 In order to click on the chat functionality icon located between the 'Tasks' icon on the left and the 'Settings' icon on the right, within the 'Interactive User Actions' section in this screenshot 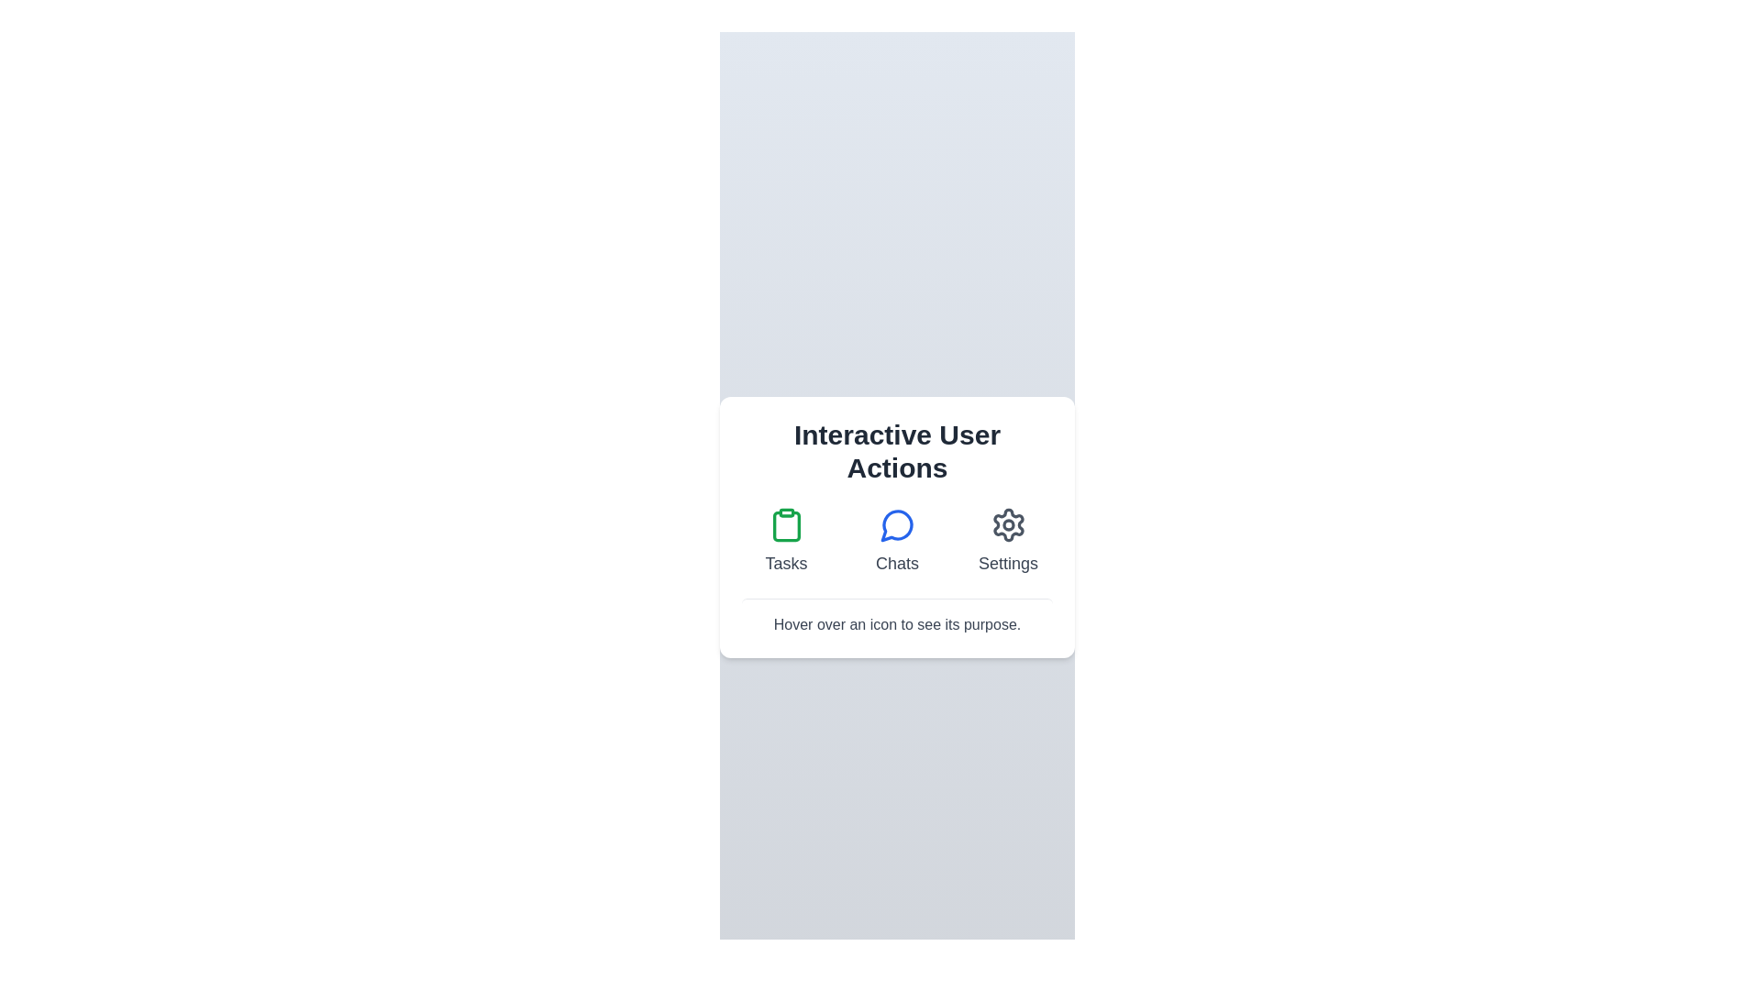, I will do `click(896, 525)`.